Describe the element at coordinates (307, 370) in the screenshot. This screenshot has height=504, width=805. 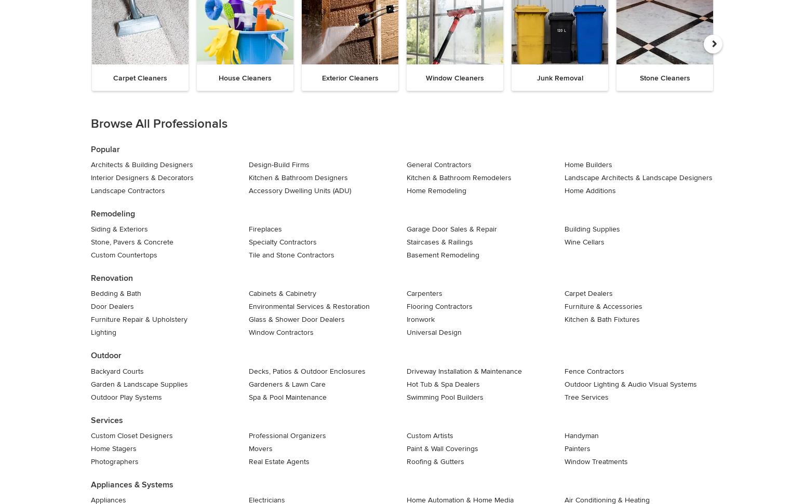
I see `'Decks, Patios & Outdoor Enclosures'` at that location.